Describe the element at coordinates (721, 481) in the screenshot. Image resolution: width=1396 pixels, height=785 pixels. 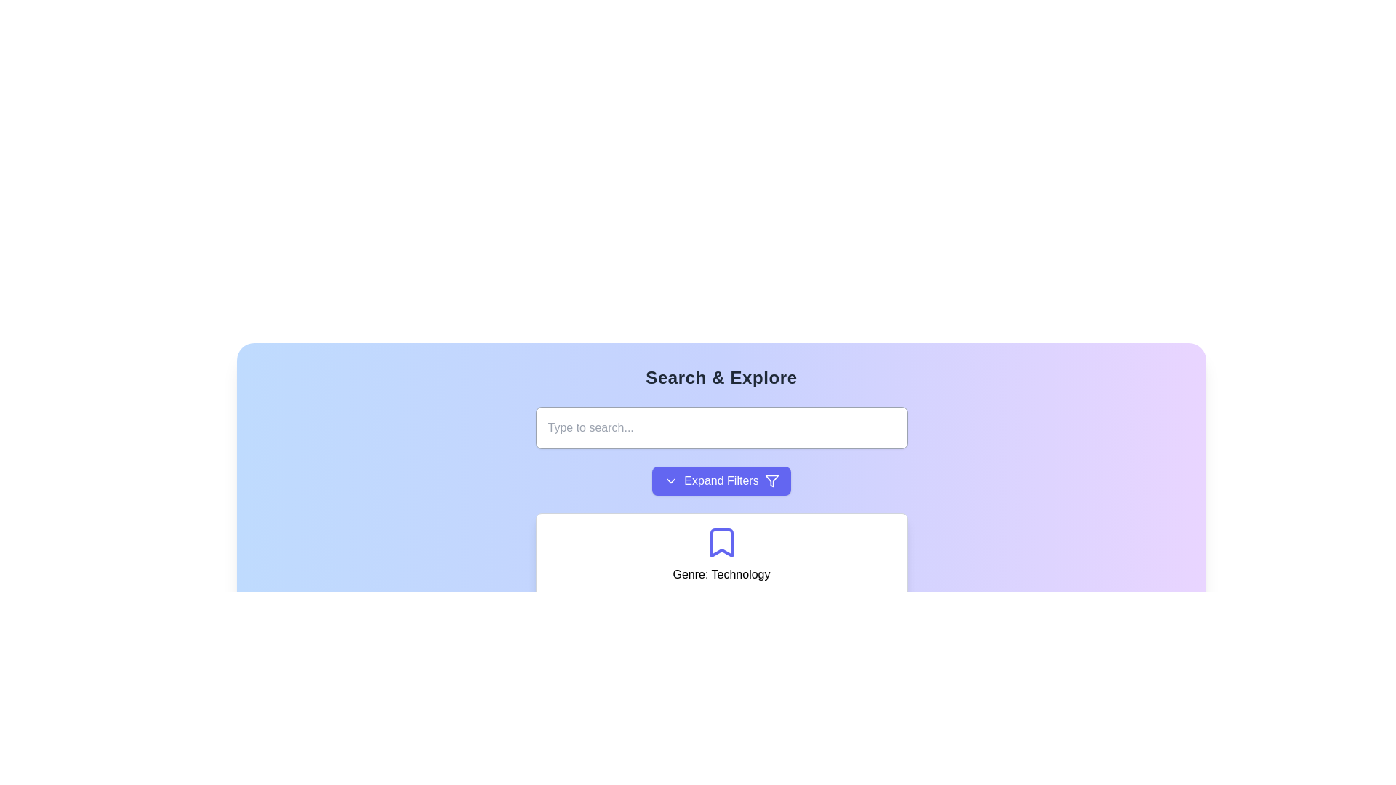
I see `the button located below the search input field and above the 'Genre: Technology' section` at that location.